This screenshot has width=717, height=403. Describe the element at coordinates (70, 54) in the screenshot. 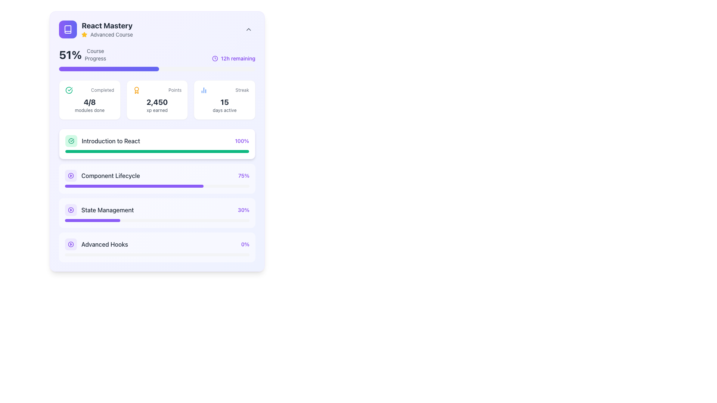

I see `the '51%' text label, which is bold and large, indicating course progress in the top-left corner of the interface` at that location.